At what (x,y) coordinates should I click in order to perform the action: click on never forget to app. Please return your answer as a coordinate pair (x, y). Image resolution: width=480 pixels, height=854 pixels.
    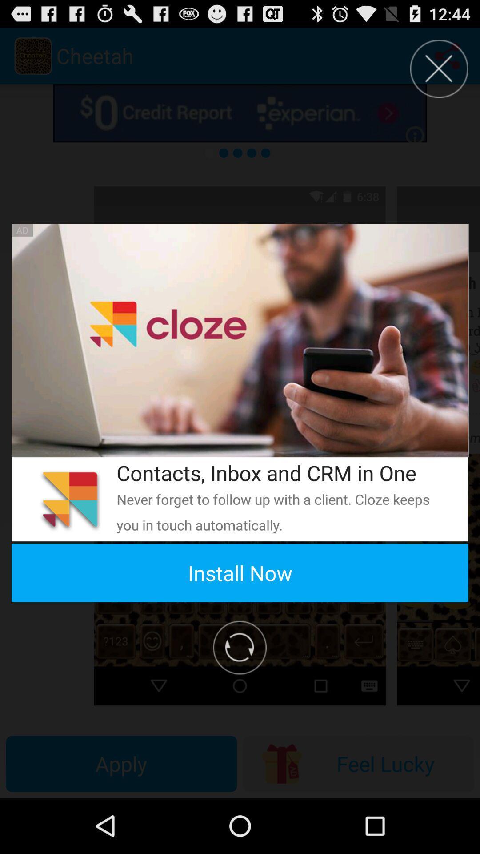
    Looking at the image, I should click on (280, 512).